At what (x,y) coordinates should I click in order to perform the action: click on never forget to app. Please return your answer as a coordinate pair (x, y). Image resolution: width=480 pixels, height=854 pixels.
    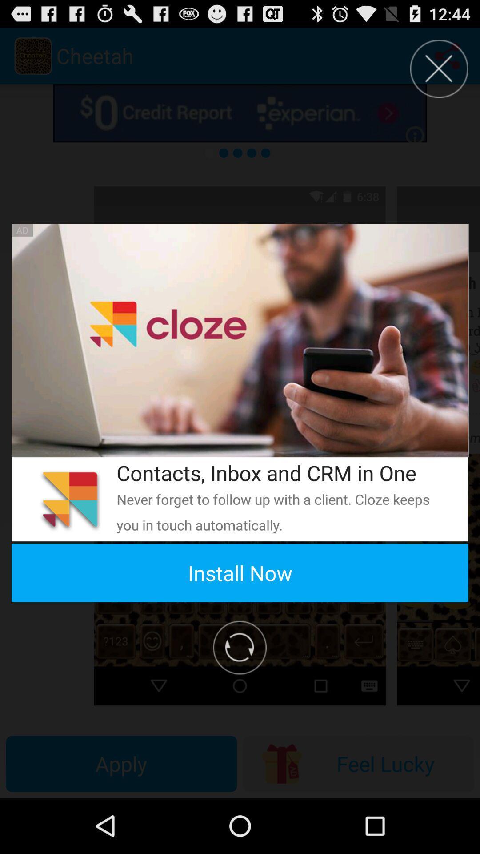
    Looking at the image, I should click on (280, 512).